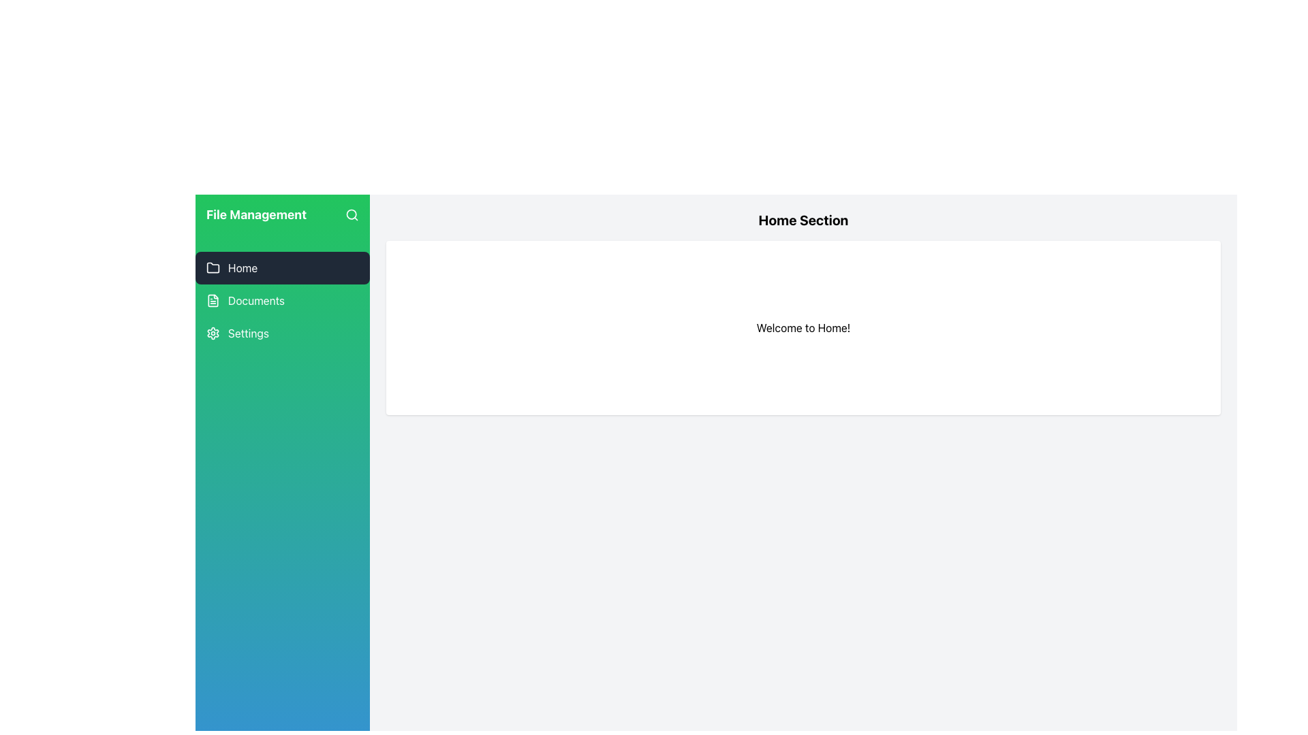  What do you see at coordinates (803, 220) in the screenshot?
I see `the prominent heading text that reads 'Home Section', which is displayed in large, bold font at the top of the content panel` at bounding box center [803, 220].